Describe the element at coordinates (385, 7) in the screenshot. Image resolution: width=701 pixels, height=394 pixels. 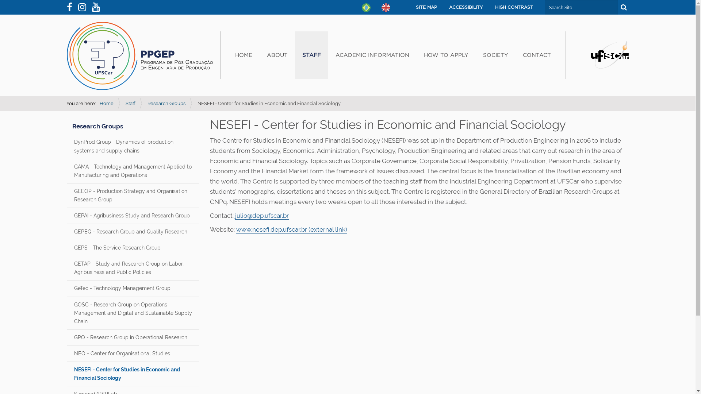
I see `'English'` at that location.